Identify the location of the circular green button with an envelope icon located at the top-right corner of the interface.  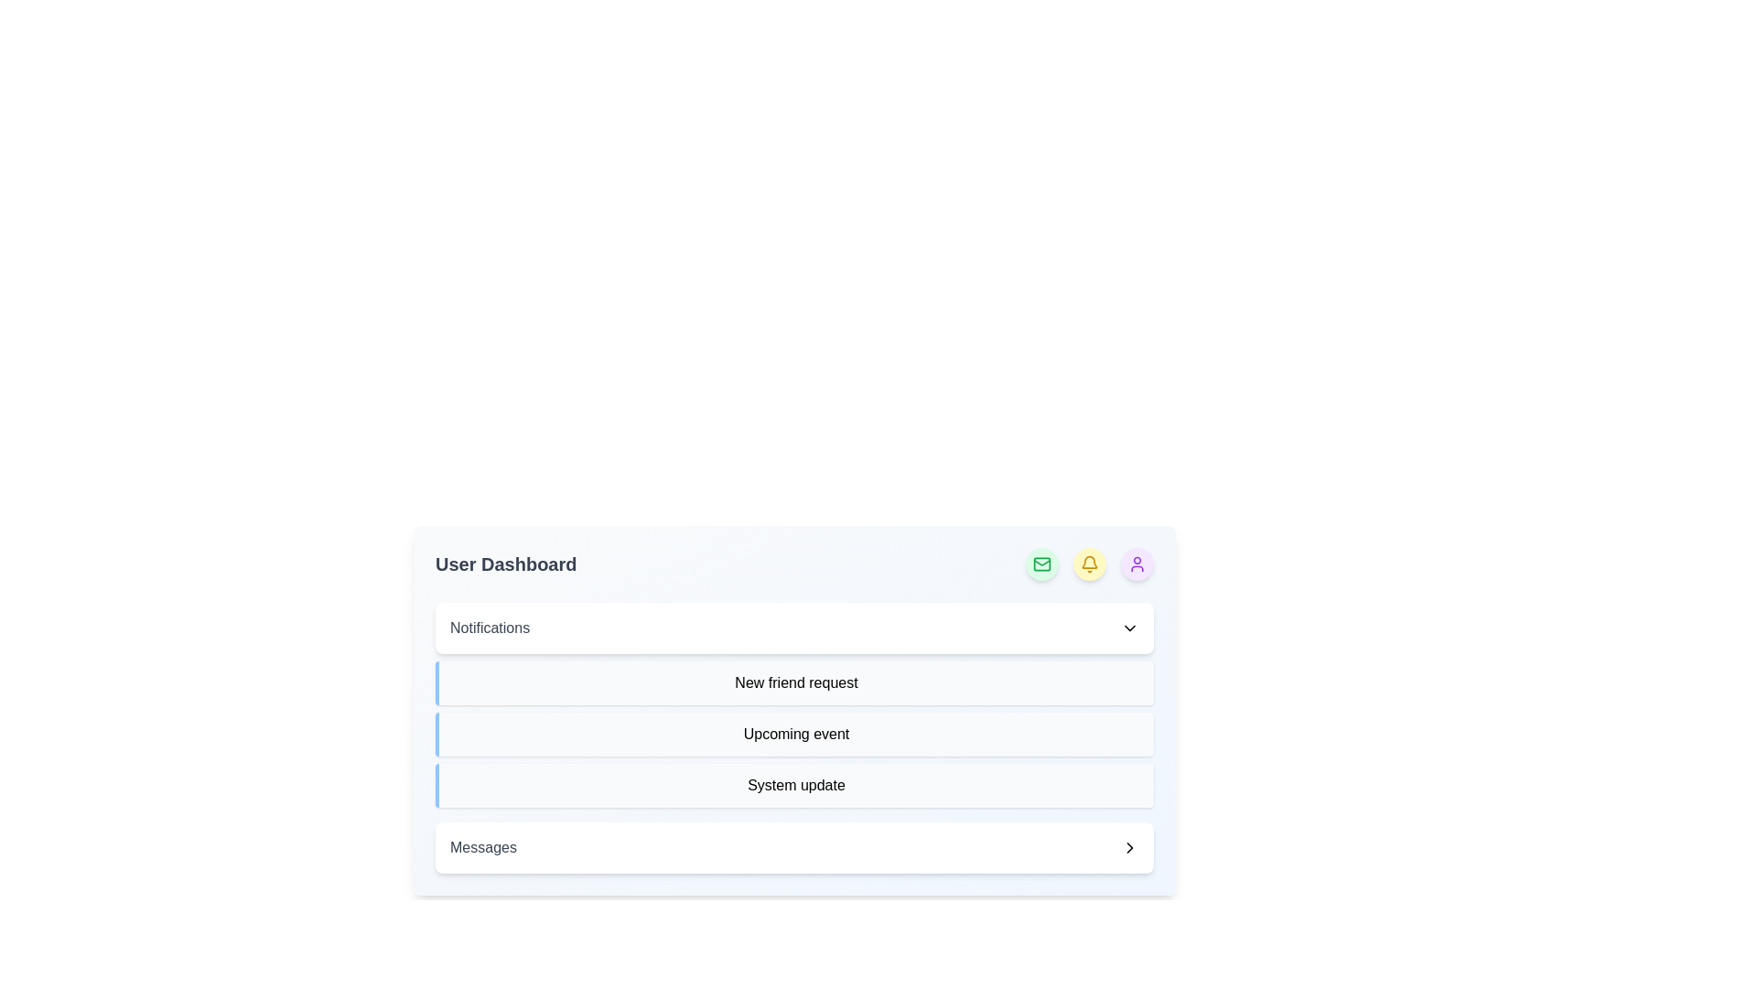
(1041, 564).